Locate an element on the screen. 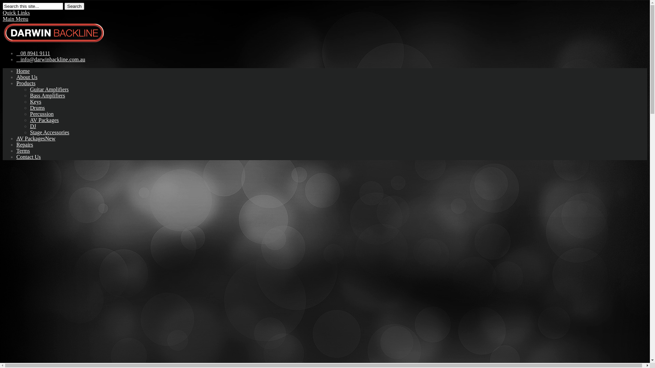 The image size is (655, 368). 'Stage Accessories' is located at coordinates (49, 132).